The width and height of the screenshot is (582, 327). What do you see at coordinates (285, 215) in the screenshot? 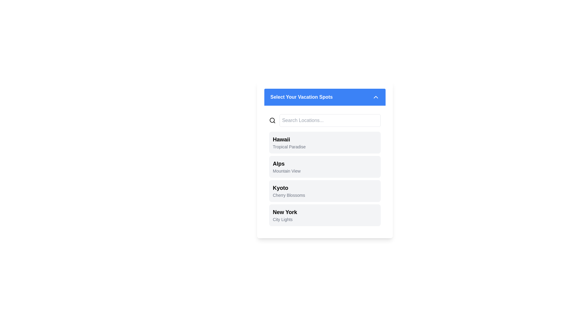
I see `the selectable item representing 'New York - City Lights', which is the fourth item in the vertical list of a card layout` at bounding box center [285, 215].